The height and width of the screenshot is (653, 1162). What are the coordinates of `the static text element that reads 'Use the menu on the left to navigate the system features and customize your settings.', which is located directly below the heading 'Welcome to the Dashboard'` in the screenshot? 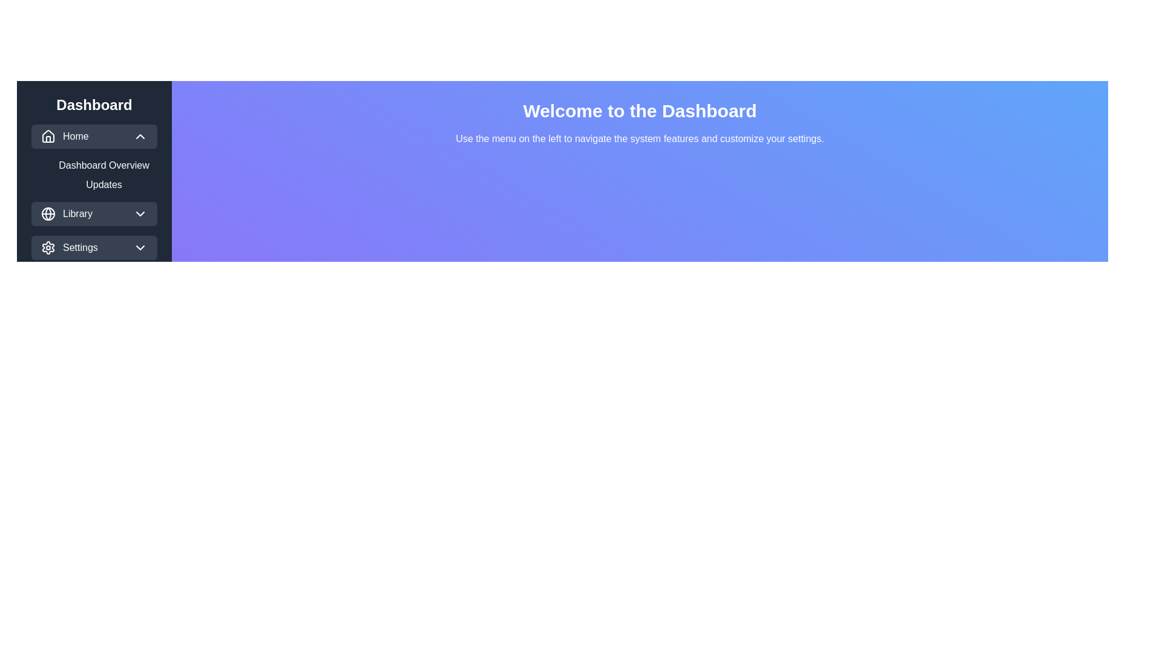 It's located at (639, 138).